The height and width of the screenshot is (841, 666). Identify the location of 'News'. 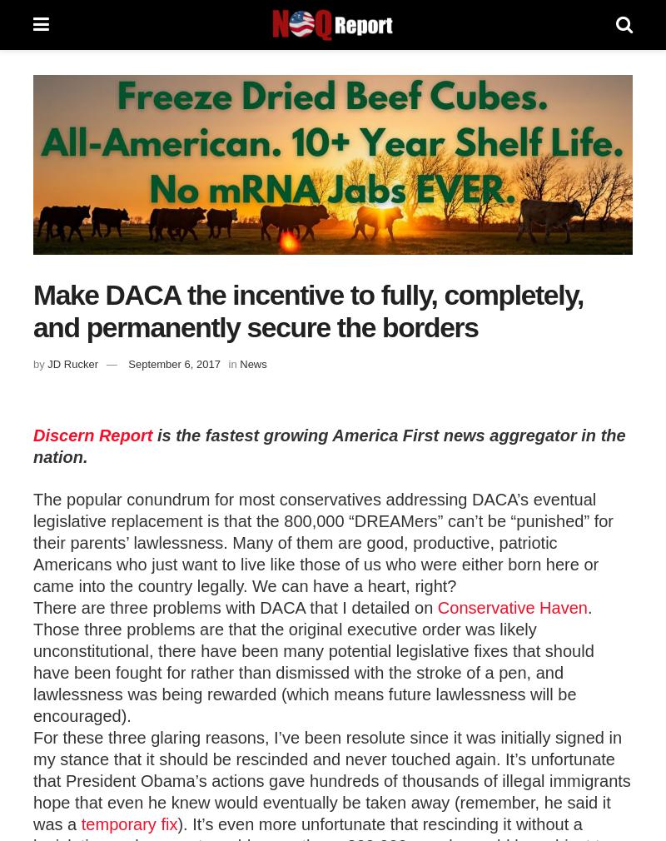
(252, 363).